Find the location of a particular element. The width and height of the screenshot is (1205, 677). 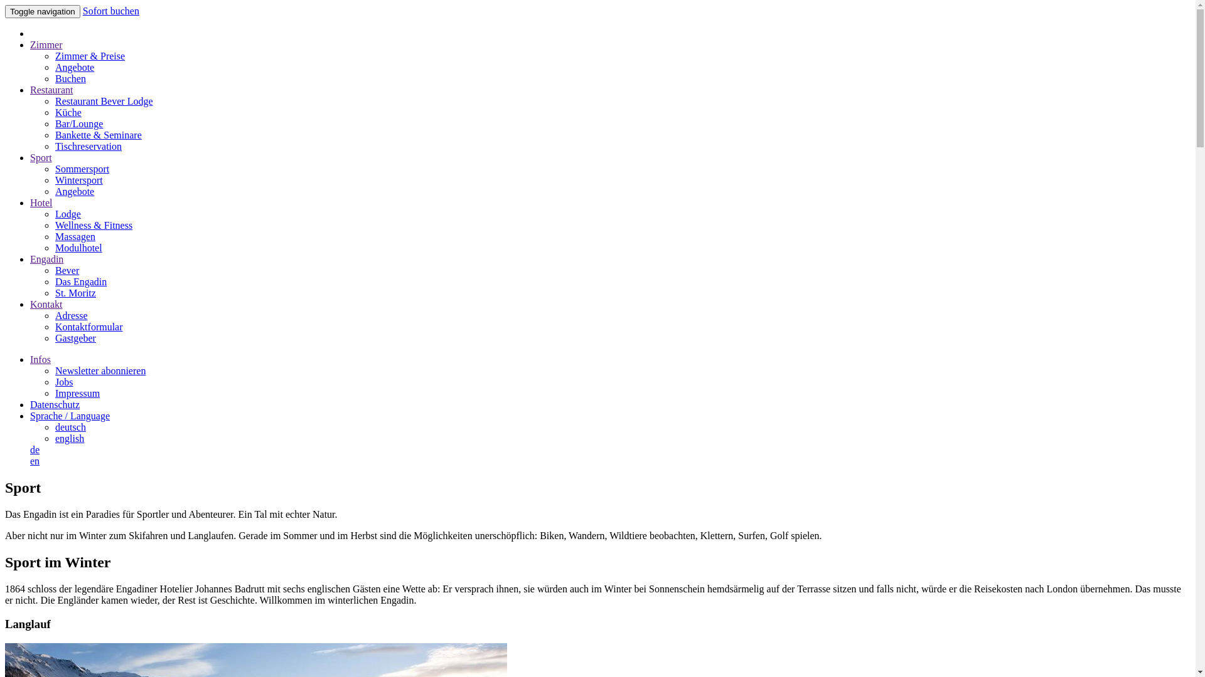

'Restaurant Bever Lodge' is located at coordinates (104, 100).